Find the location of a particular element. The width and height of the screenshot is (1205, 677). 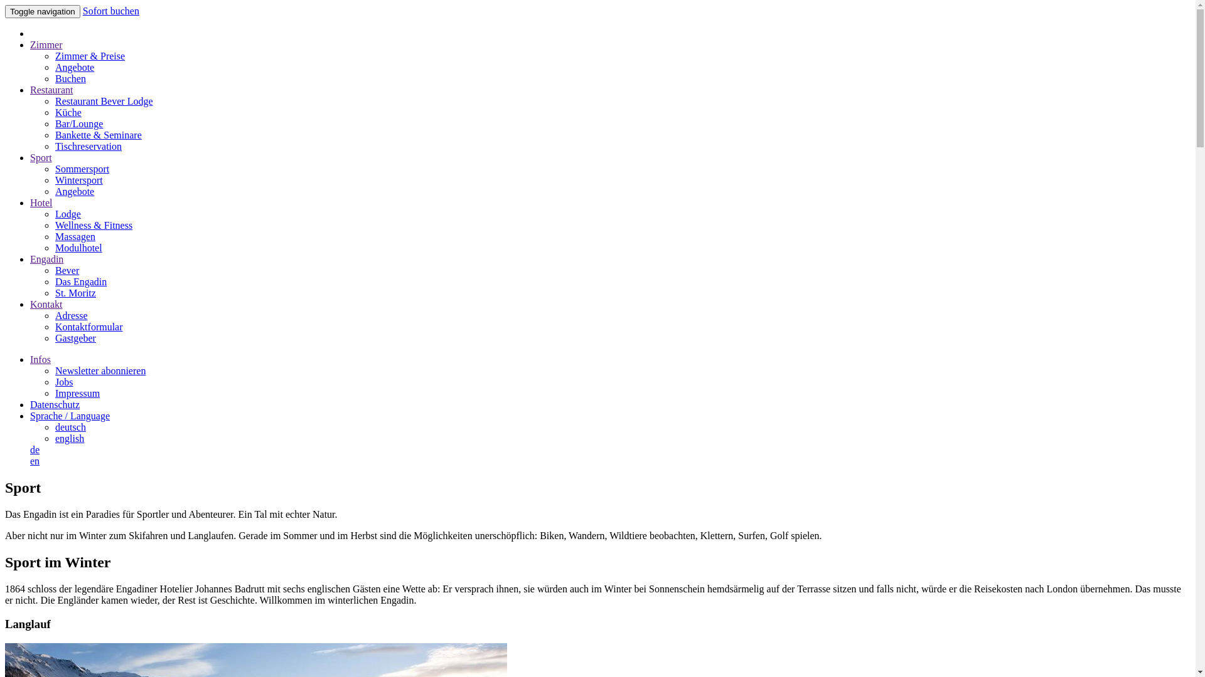

'Restaurant Bever Lodge' is located at coordinates (104, 100).